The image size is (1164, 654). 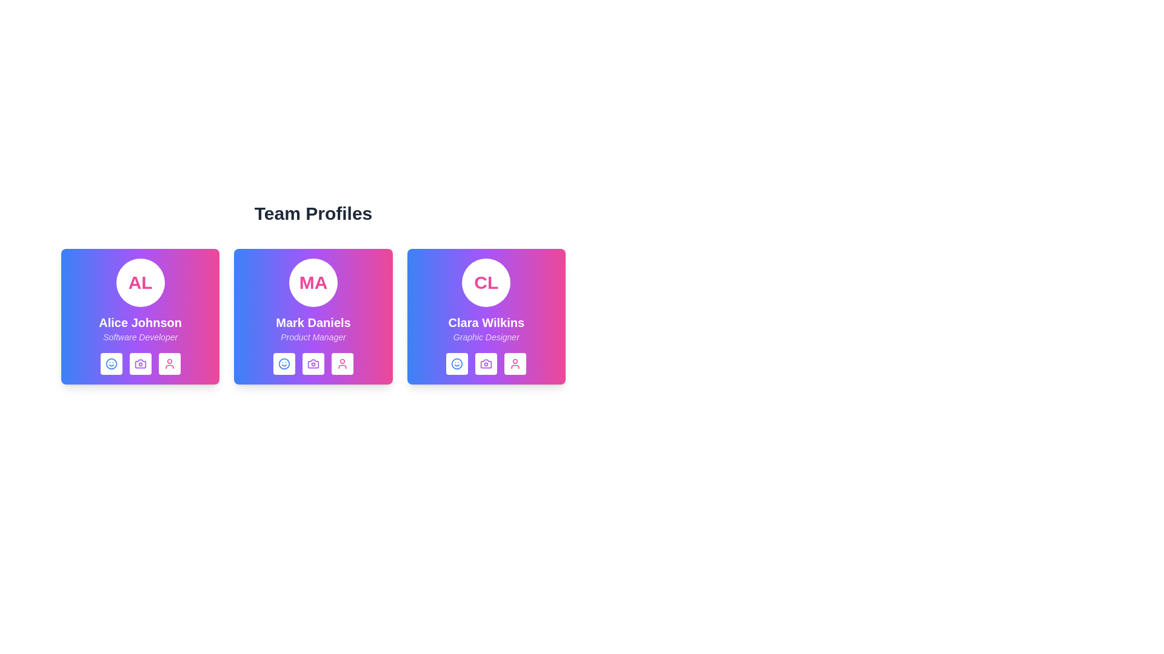 I want to click on the Icon Button with a camera icon, styled with a white background and purple text, located in the profile card of Clara Wilkins, so click(x=486, y=363).